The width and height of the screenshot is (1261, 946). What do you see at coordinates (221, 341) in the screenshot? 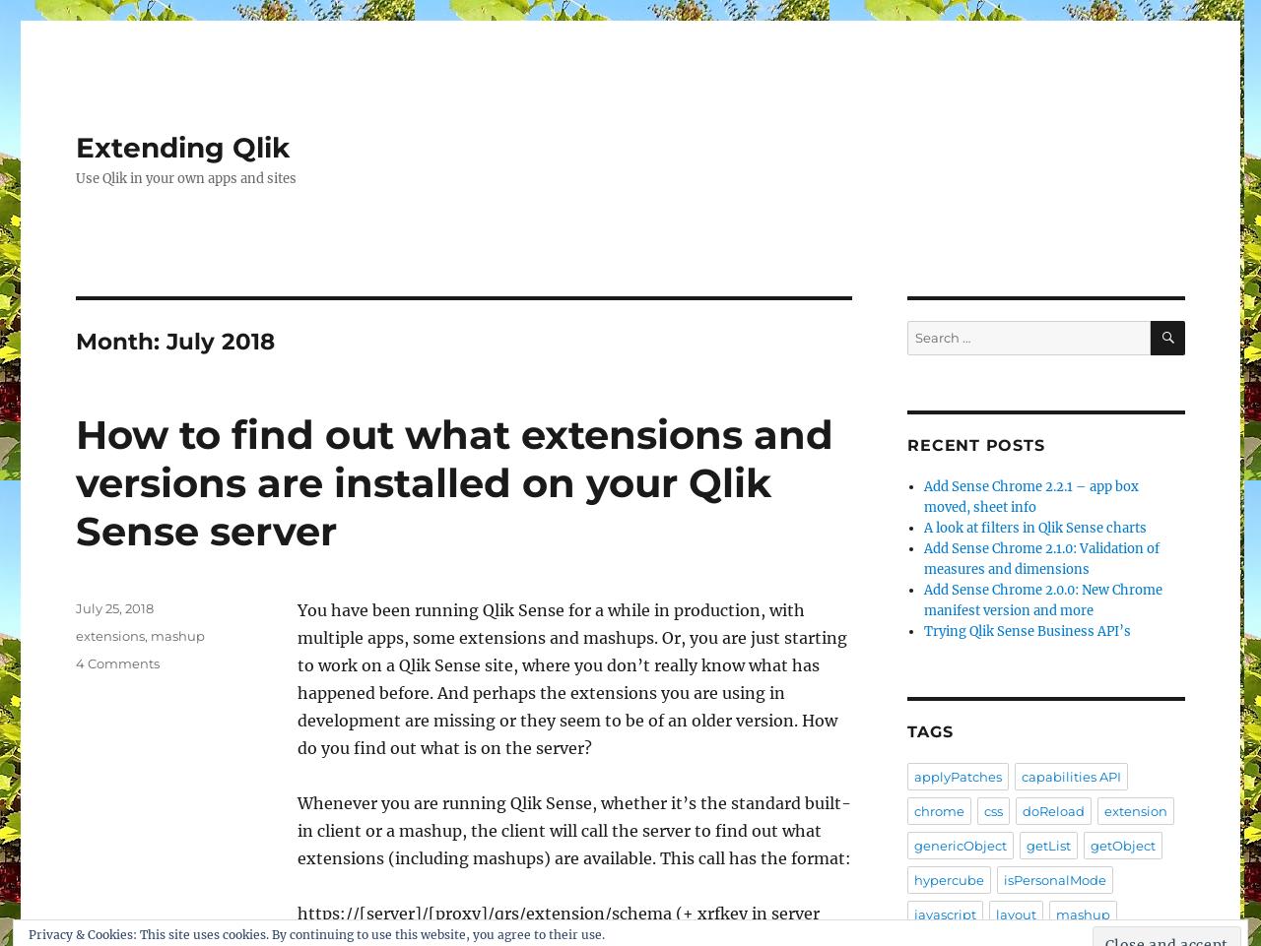
I see `'July 2018'` at bounding box center [221, 341].